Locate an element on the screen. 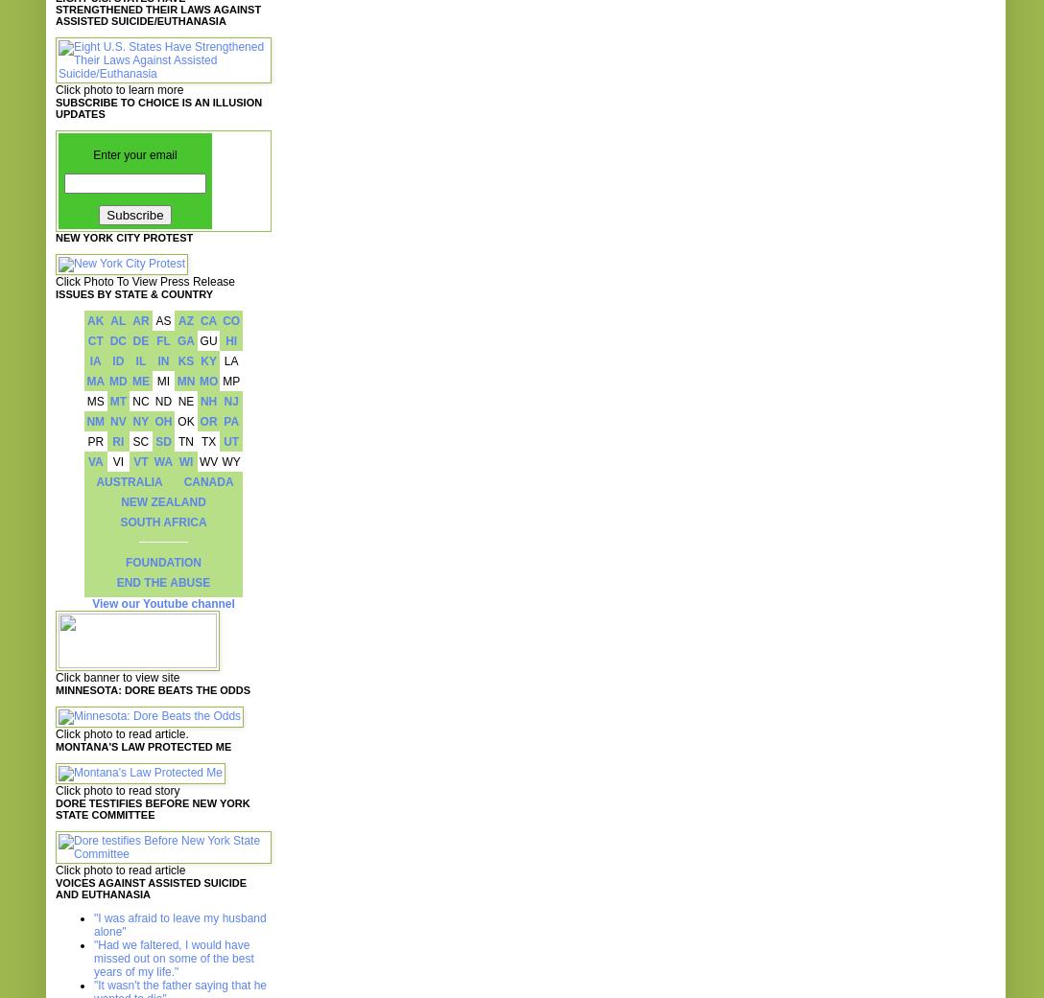 The width and height of the screenshot is (1044, 998). 'MO' is located at coordinates (206, 381).